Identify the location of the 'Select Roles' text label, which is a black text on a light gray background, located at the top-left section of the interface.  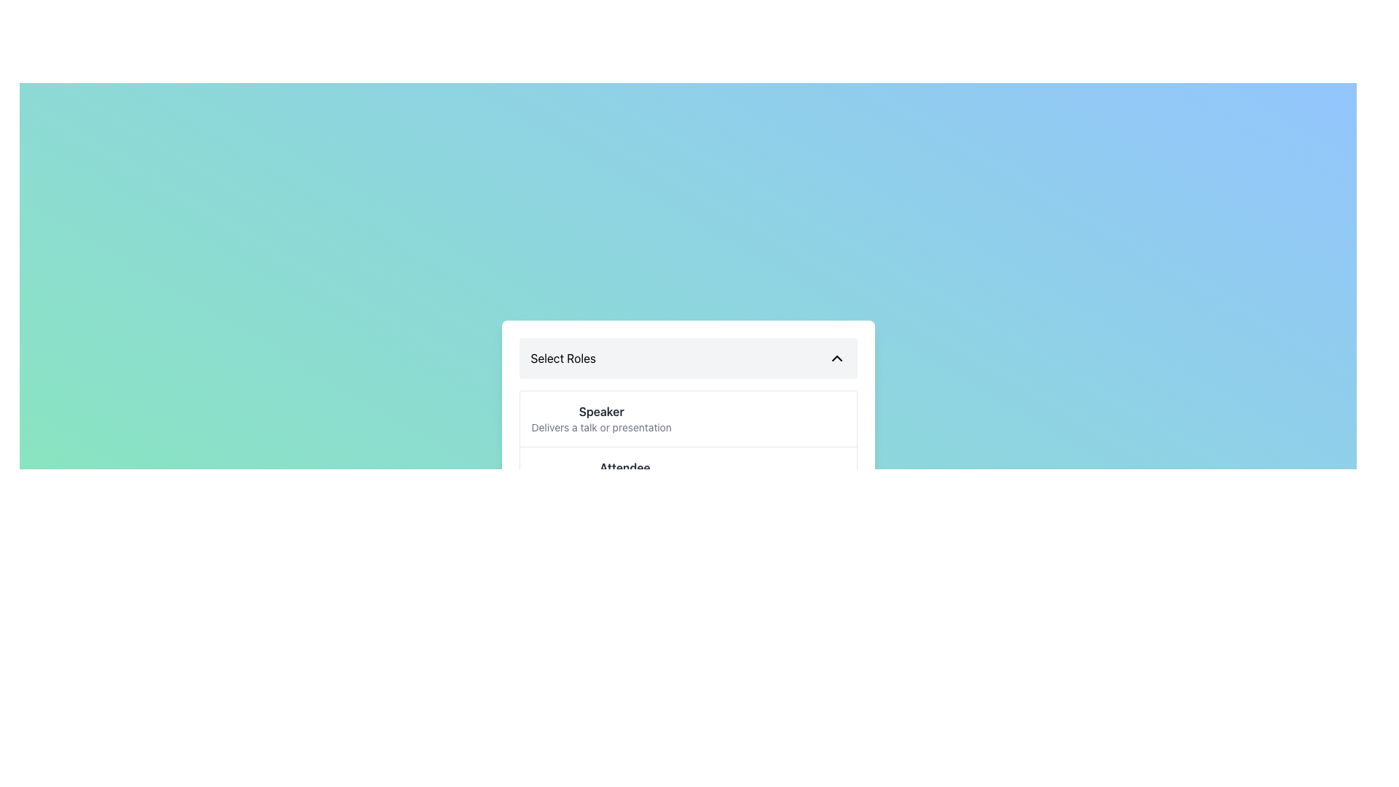
(563, 358).